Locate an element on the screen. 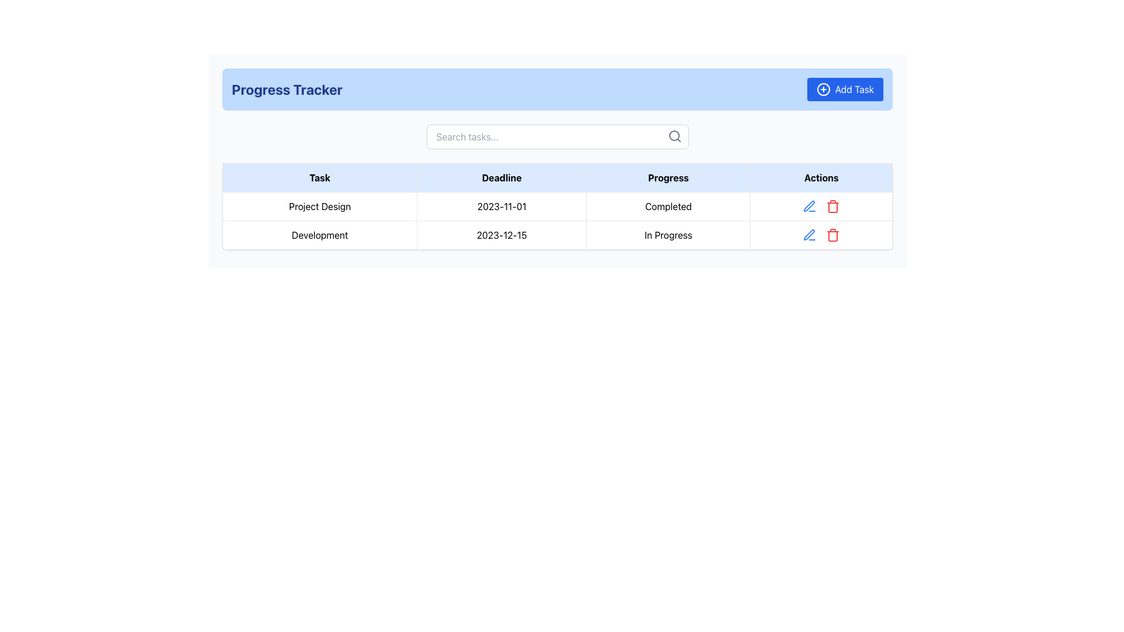 The width and height of the screenshot is (1124, 632). the Table Header Cell labeled 'Actions', which is the last header in the table with a light blue background and bold black text is located at coordinates (821, 178).